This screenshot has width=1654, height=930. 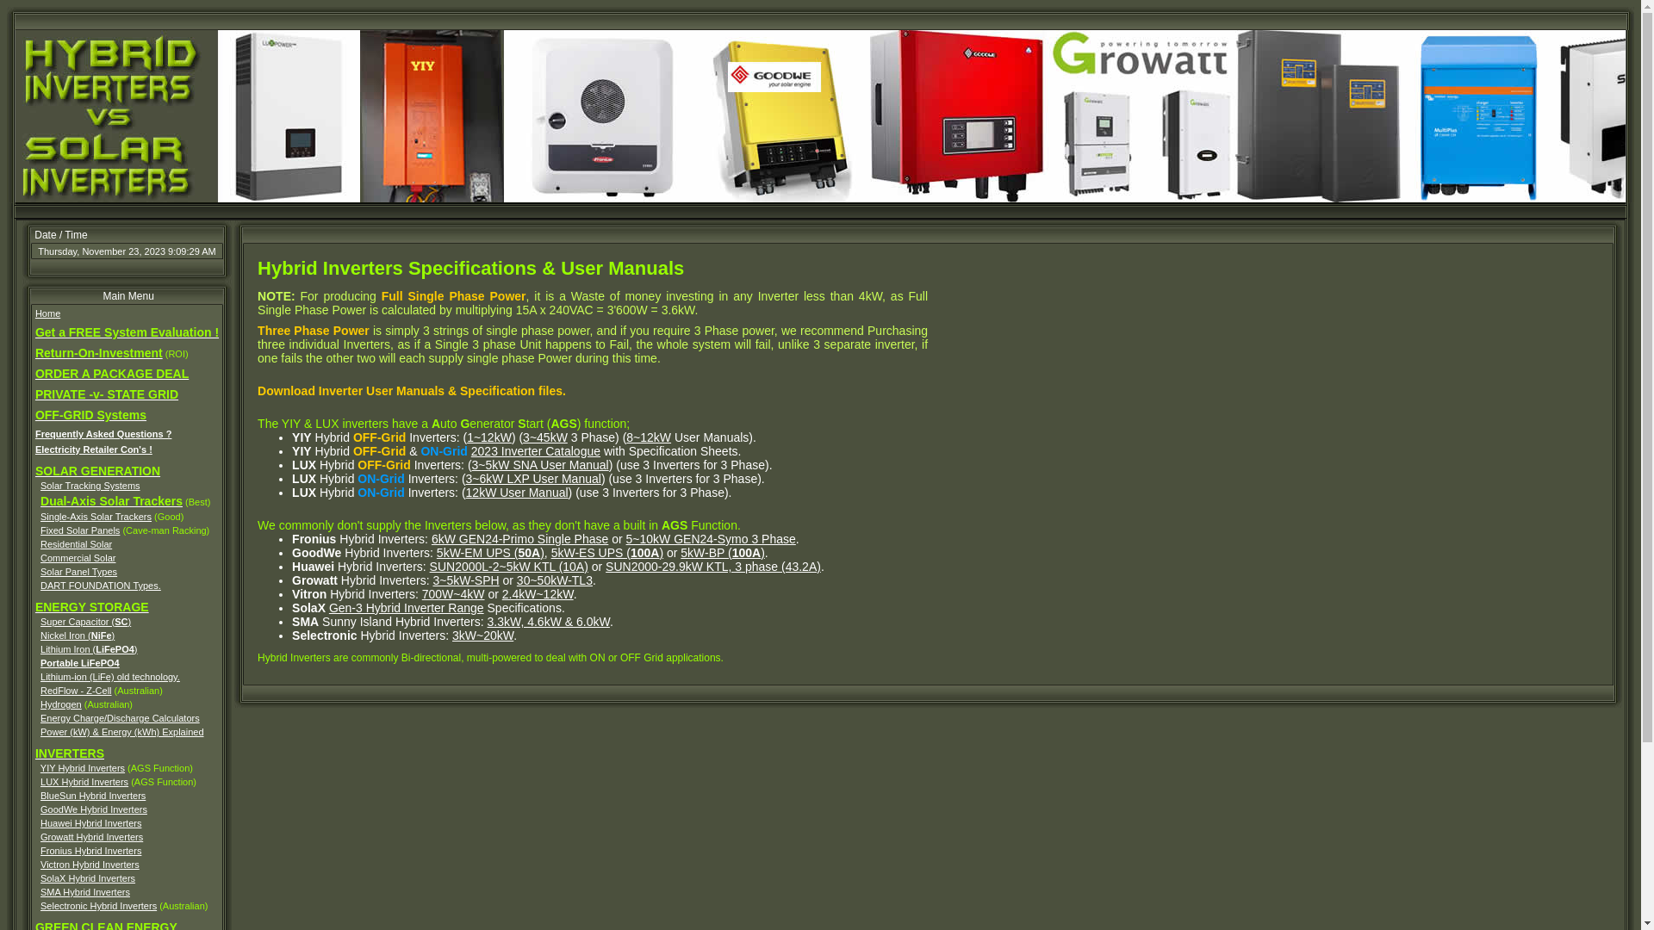 I want to click on 'Nickel Iron (NiFe)', so click(x=77, y=635).